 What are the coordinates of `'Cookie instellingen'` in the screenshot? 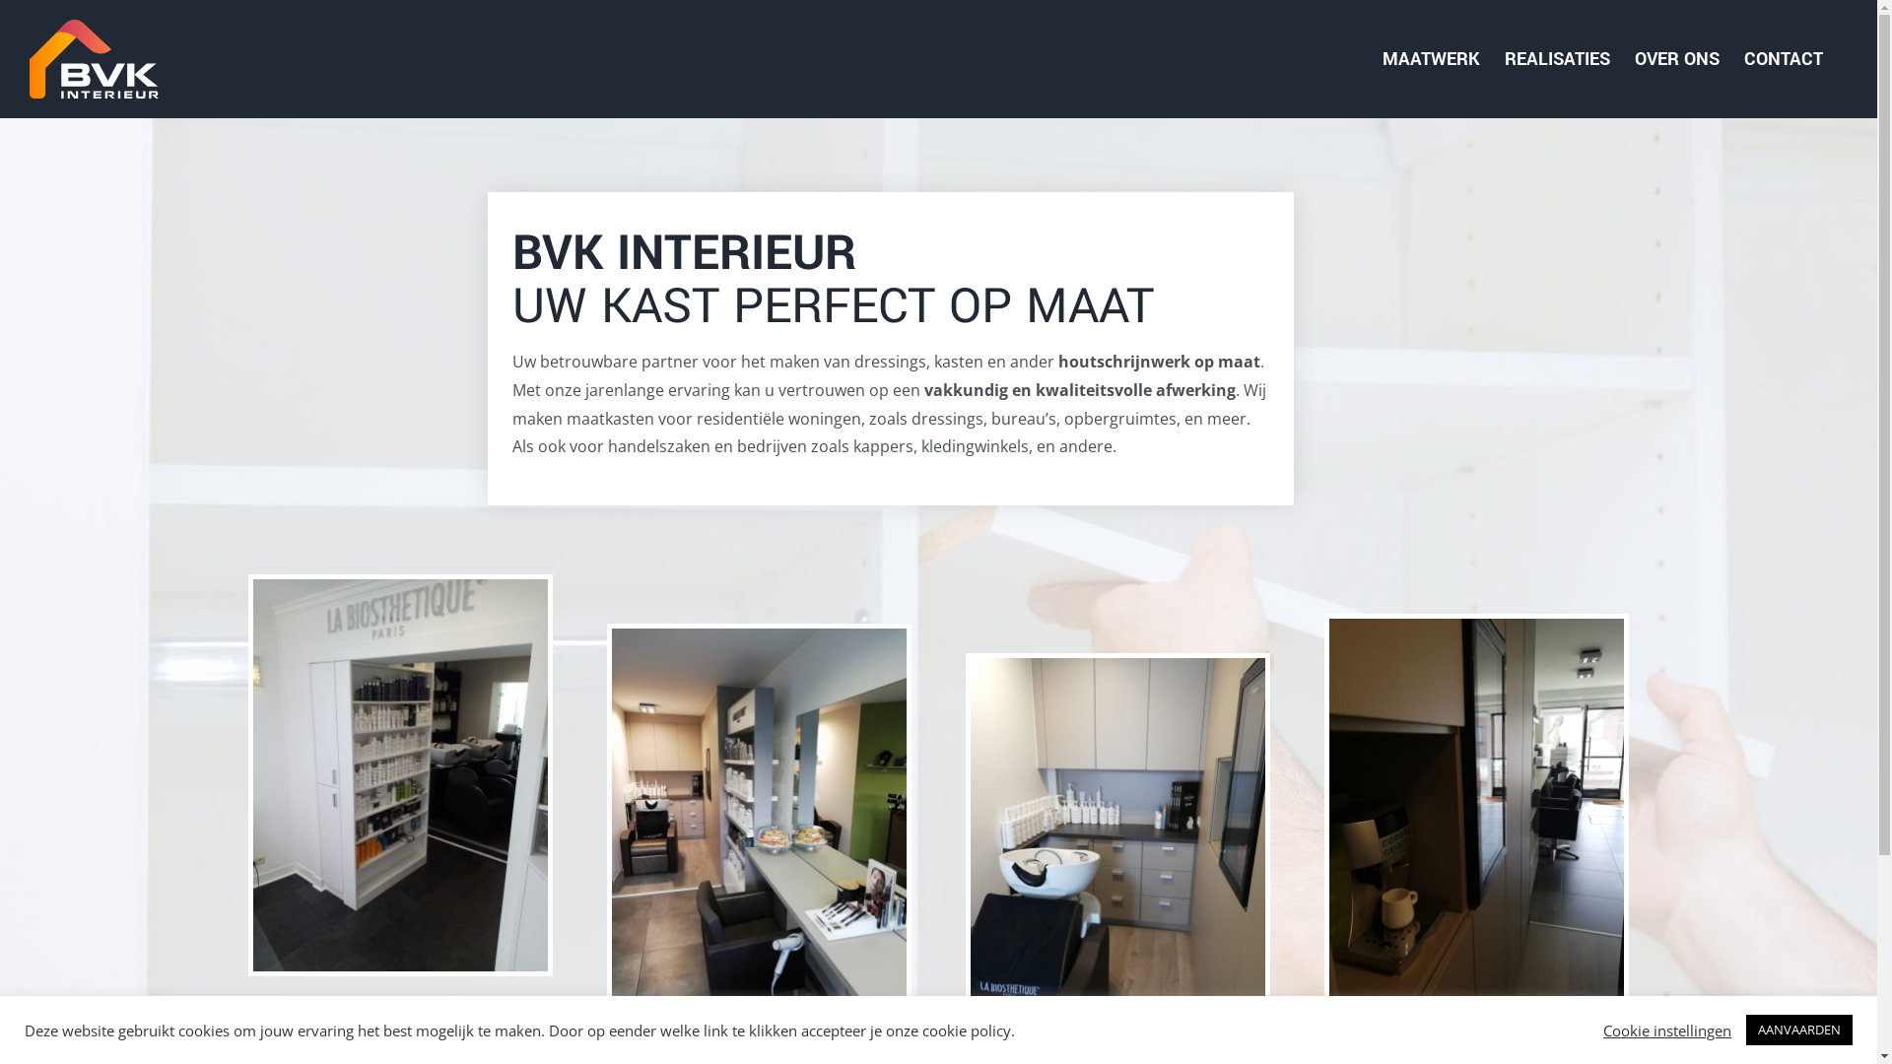 It's located at (1666, 1029).